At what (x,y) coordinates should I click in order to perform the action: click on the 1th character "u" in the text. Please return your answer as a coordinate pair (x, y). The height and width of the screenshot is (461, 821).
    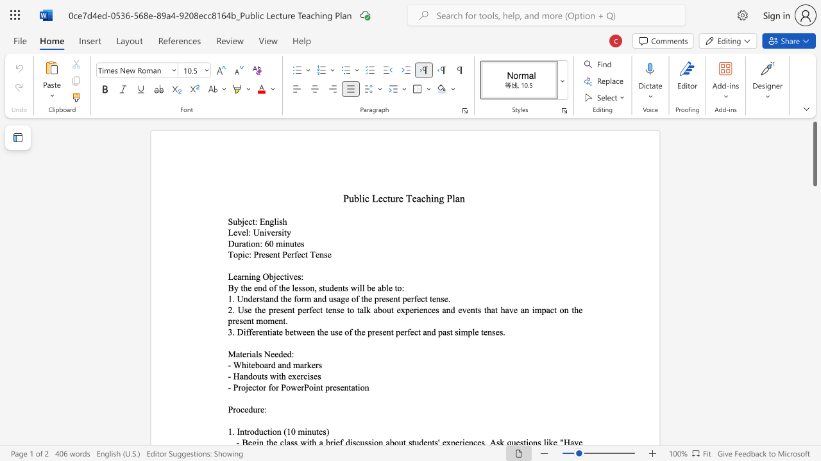
    Looking at the image, I should click on (260, 432).